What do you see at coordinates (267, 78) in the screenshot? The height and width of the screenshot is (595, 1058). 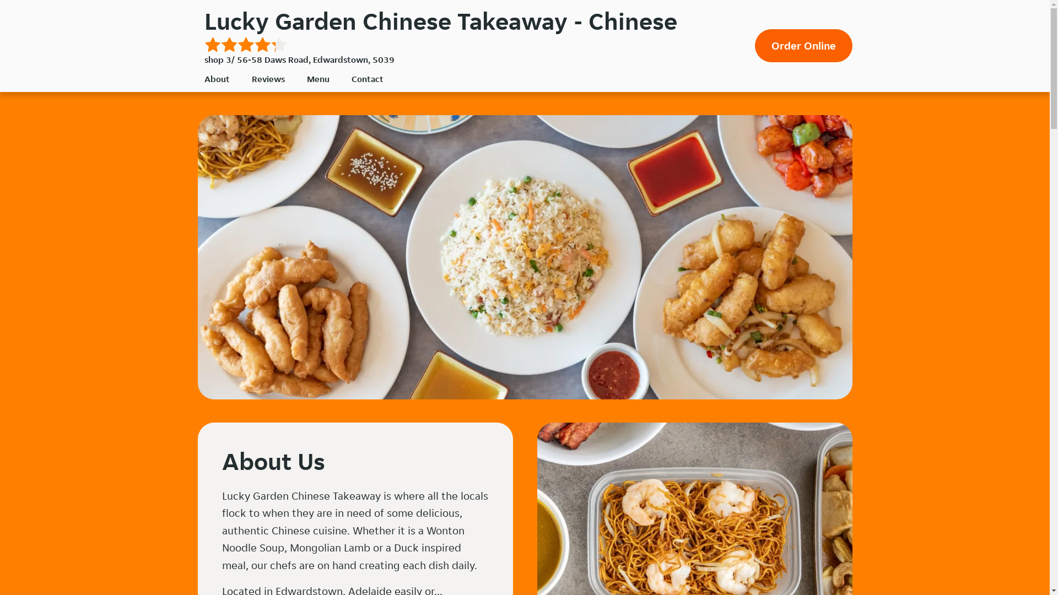 I see `'Reviews'` at bounding box center [267, 78].